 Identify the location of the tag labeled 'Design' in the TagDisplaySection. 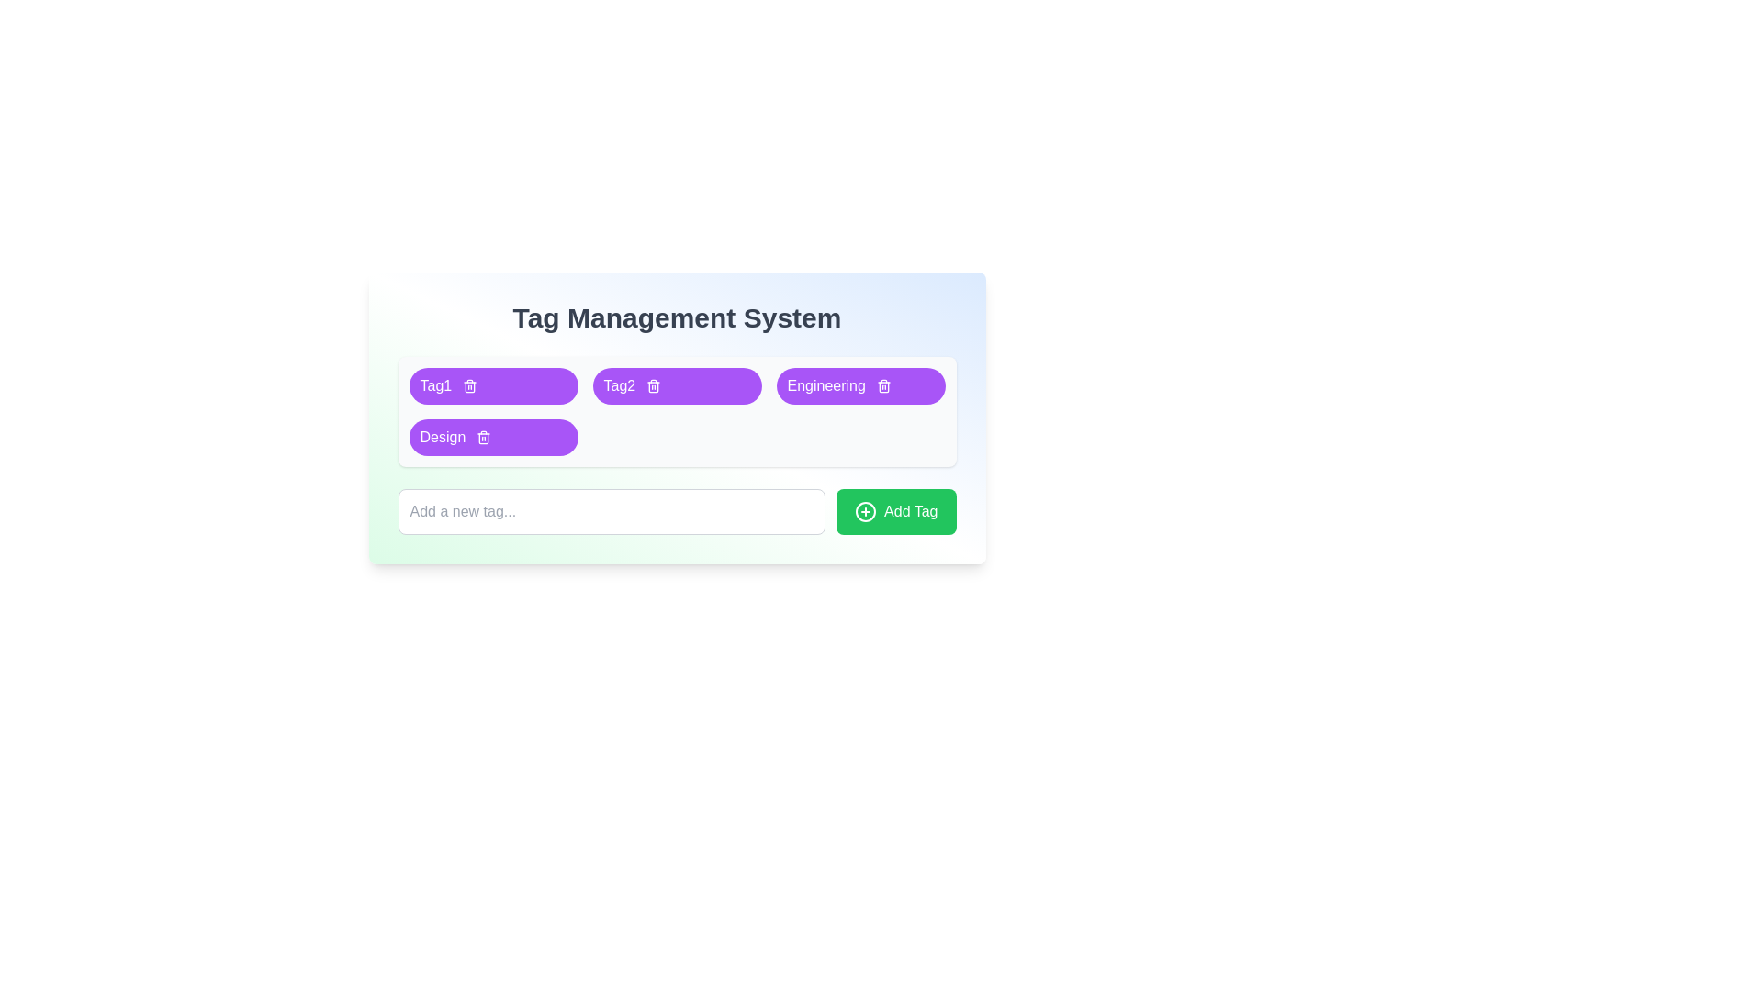
(493, 438).